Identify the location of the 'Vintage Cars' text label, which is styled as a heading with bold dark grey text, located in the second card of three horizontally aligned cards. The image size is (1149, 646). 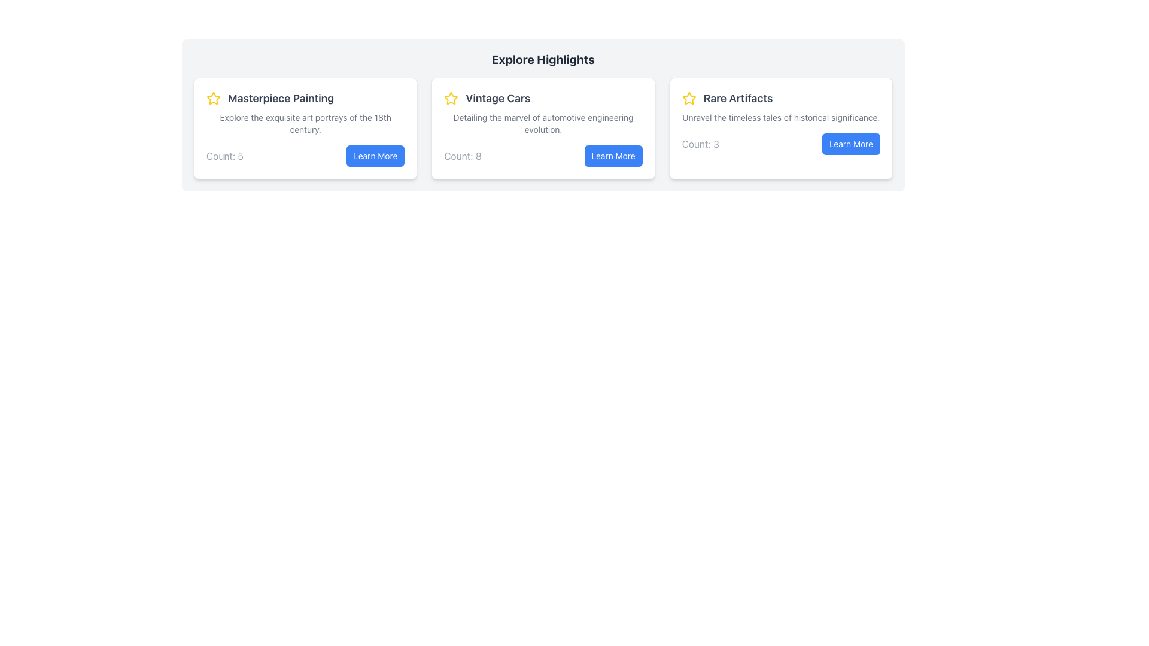
(498, 98).